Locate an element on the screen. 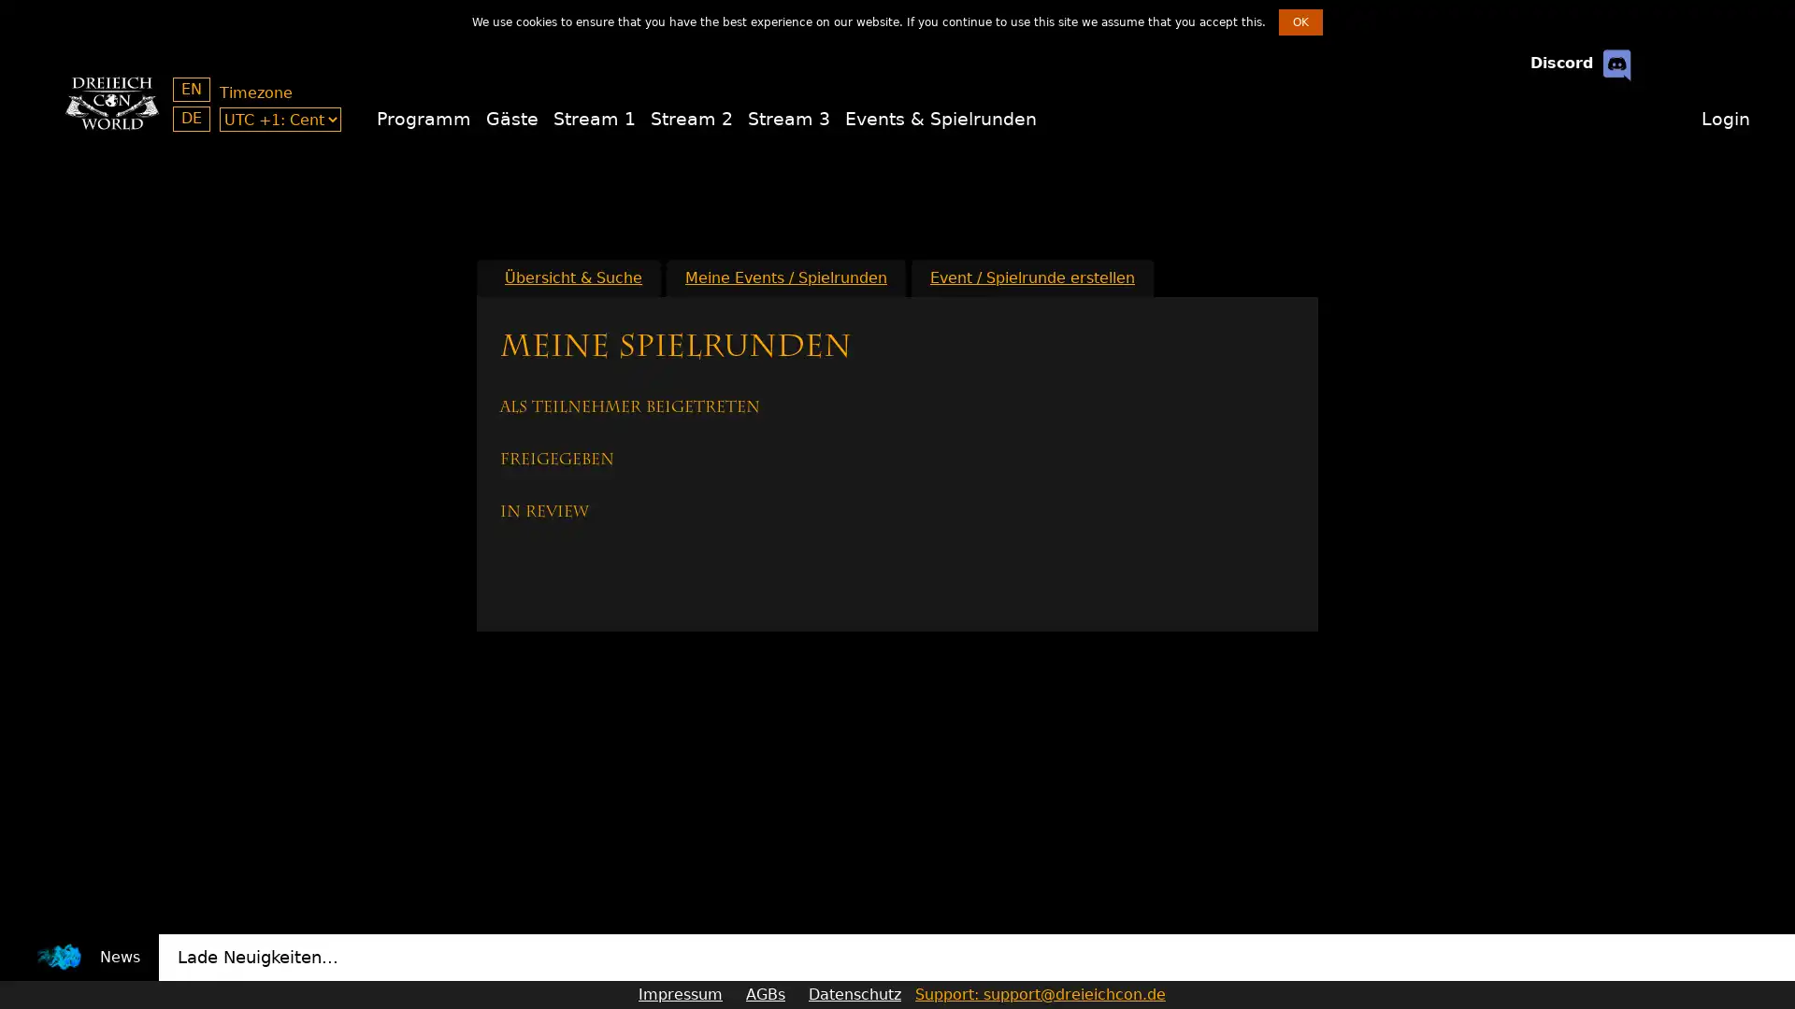 The width and height of the screenshot is (1795, 1009). OK is located at coordinates (1300, 21).